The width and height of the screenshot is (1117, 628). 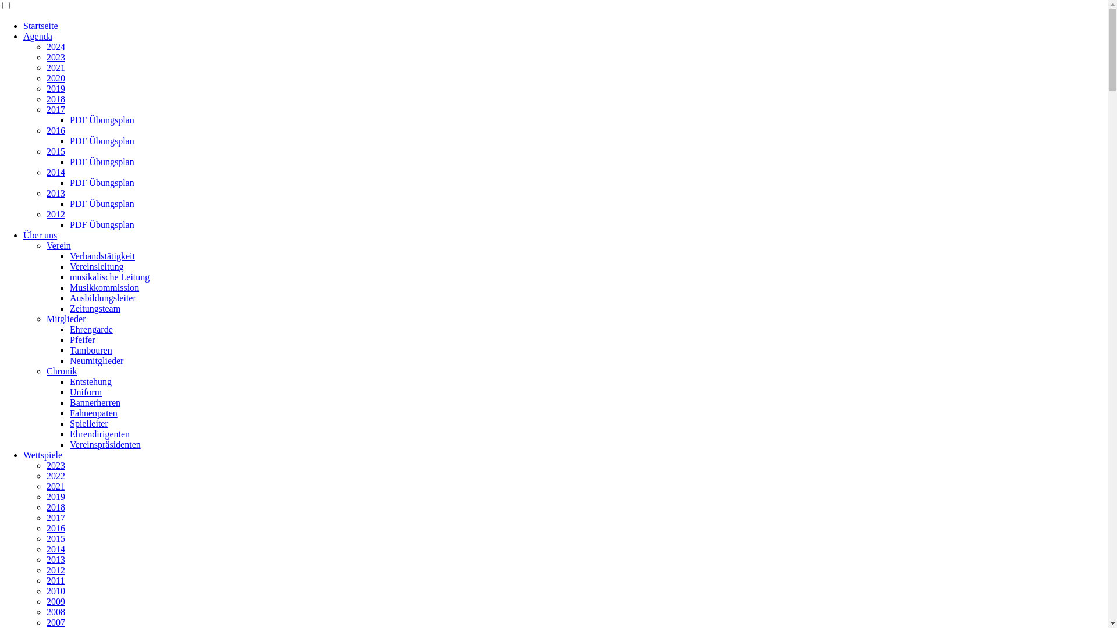 I want to click on '2024', so click(x=55, y=46).